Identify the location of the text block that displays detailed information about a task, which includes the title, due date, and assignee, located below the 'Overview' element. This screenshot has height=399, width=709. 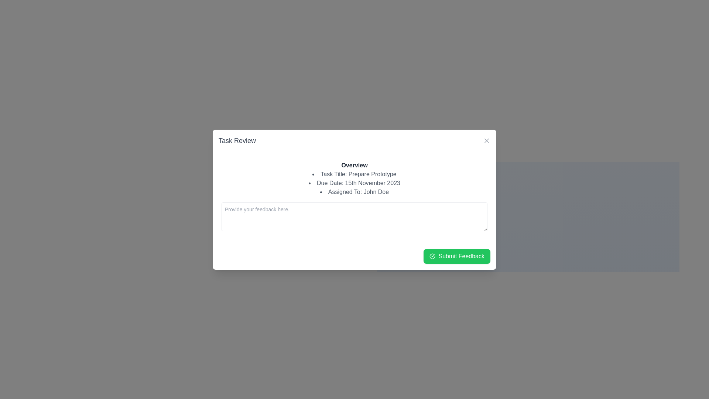
(354, 183).